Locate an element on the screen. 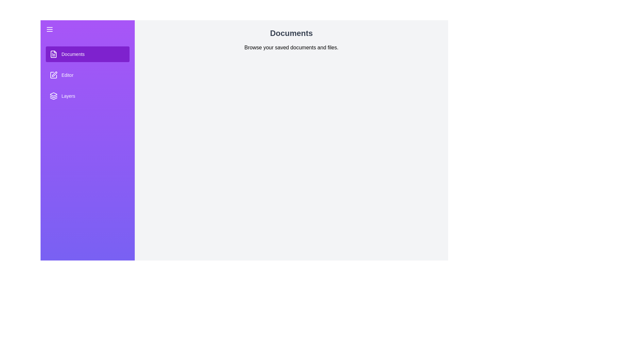 The height and width of the screenshot is (353, 628). the section icon for Documents to inspect it is located at coordinates (53, 54).